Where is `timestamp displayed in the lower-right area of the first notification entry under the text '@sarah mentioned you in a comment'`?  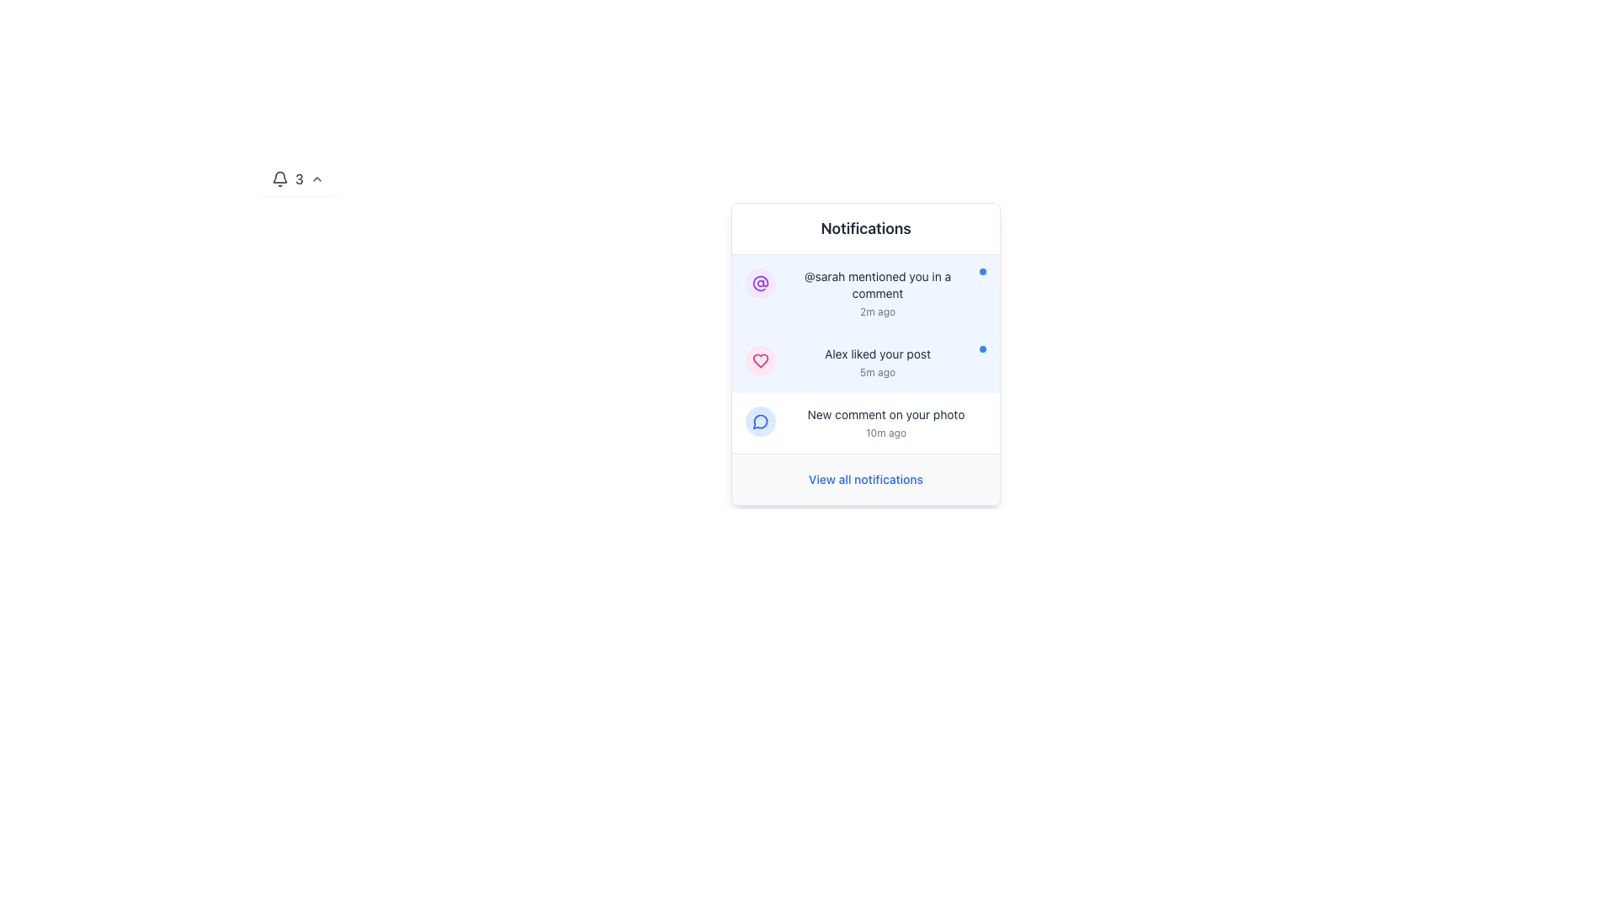
timestamp displayed in the lower-right area of the first notification entry under the text '@sarah mentioned you in a comment' is located at coordinates (876, 311).